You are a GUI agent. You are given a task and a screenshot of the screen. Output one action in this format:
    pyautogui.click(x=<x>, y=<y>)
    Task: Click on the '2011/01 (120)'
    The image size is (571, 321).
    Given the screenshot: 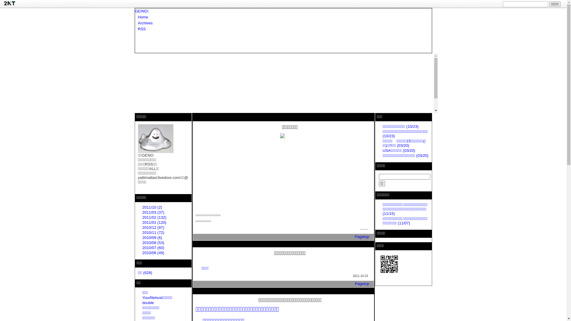 What is the action you would take?
    pyautogui.click(x=154, y=222)
    